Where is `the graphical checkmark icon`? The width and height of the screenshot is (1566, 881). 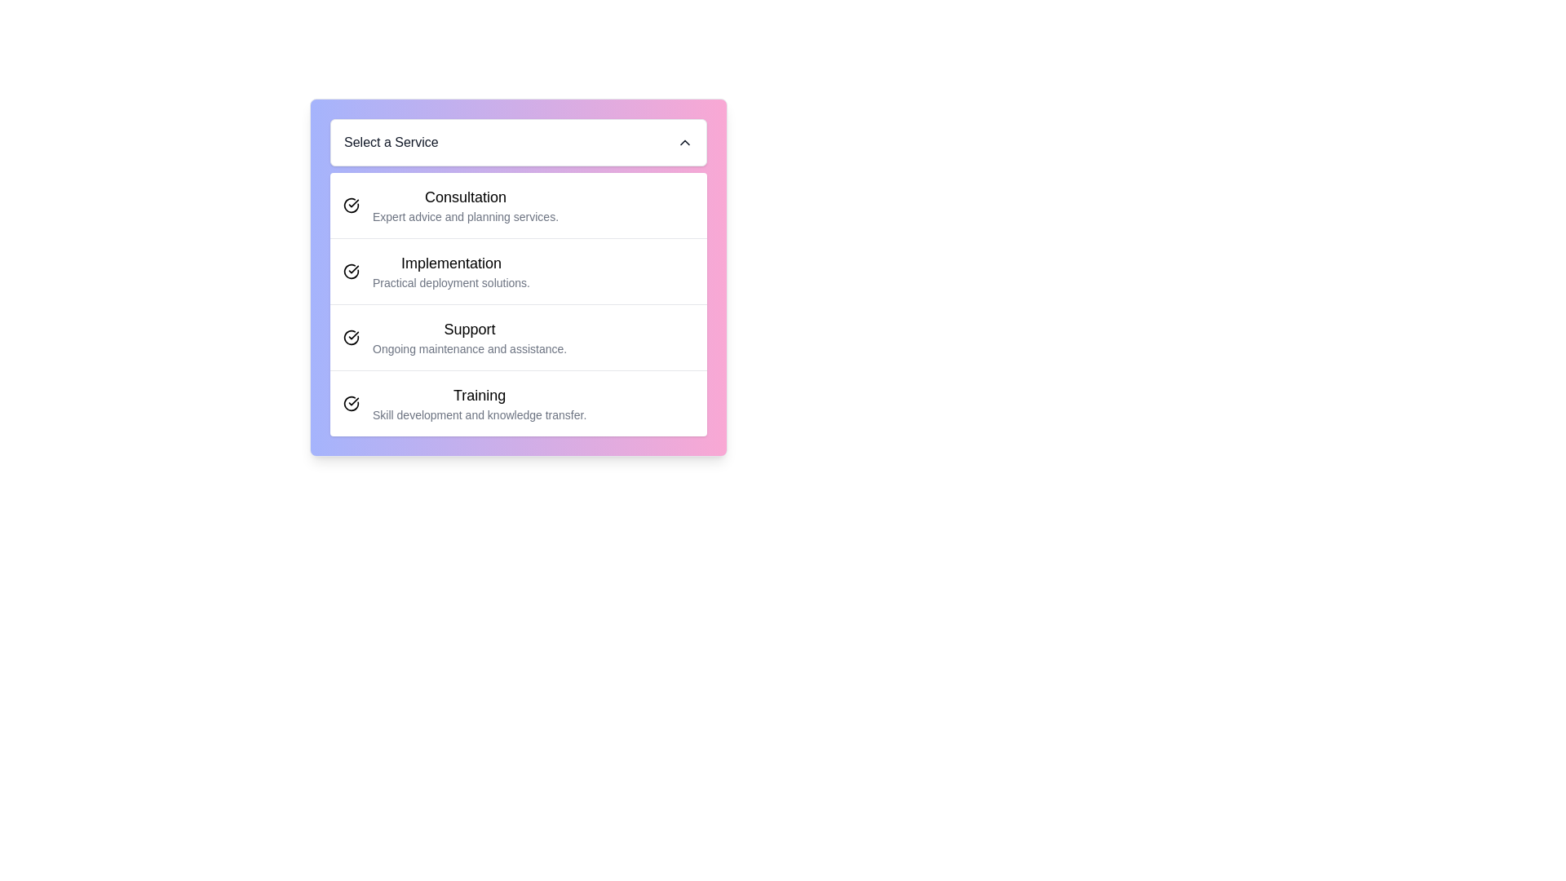
the graphical checkmark icon is located at coordinates (351, 336).